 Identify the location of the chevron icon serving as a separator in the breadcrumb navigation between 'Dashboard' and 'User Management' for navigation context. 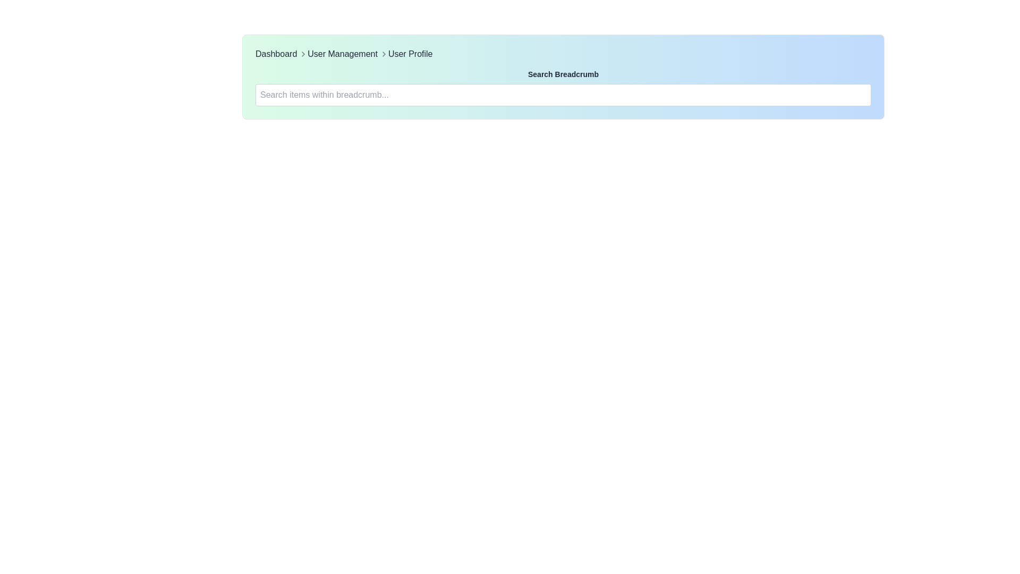
(303, 54).